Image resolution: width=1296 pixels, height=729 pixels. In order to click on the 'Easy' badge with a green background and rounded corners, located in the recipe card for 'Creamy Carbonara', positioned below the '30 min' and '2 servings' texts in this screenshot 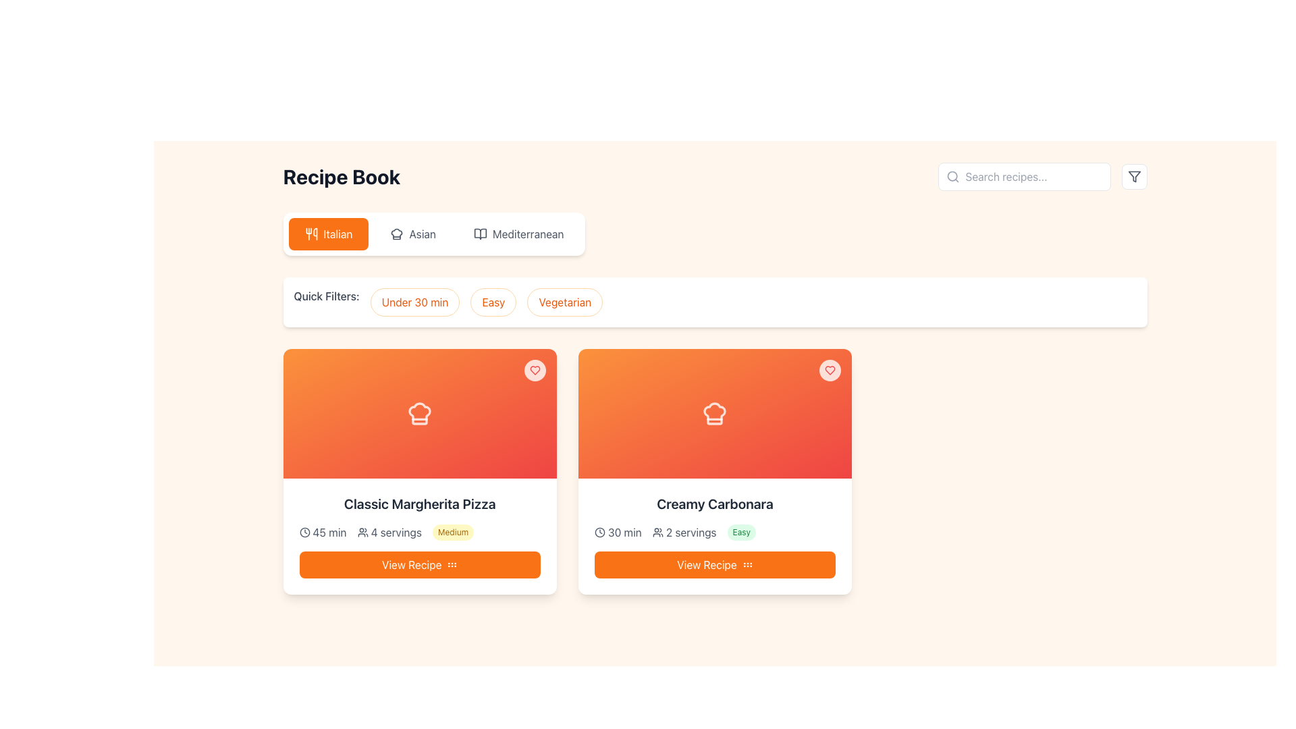, I will do `click(740, 532)`.